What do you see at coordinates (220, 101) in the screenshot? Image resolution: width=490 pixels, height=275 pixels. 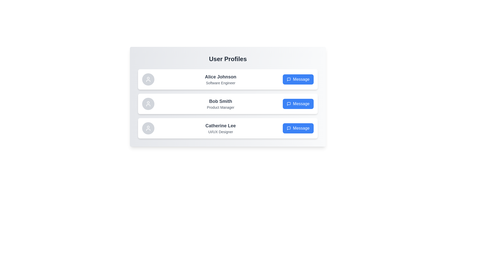 I see `the text of Bob Smith to select it` at bounding box center [220, 101].